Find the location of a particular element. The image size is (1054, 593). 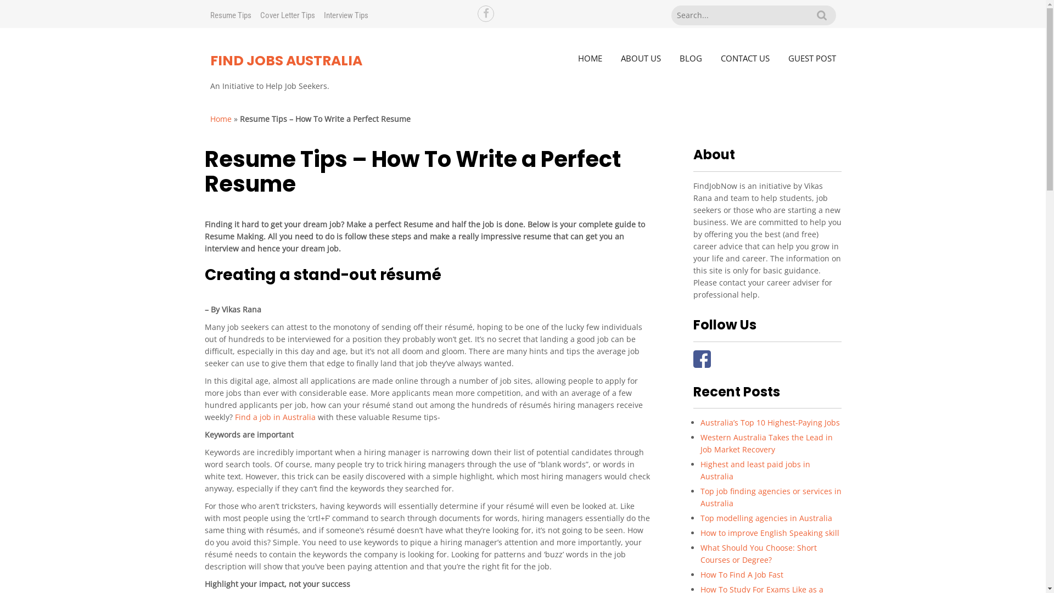

'GUEST POST' is located at coordinates (811, 58).